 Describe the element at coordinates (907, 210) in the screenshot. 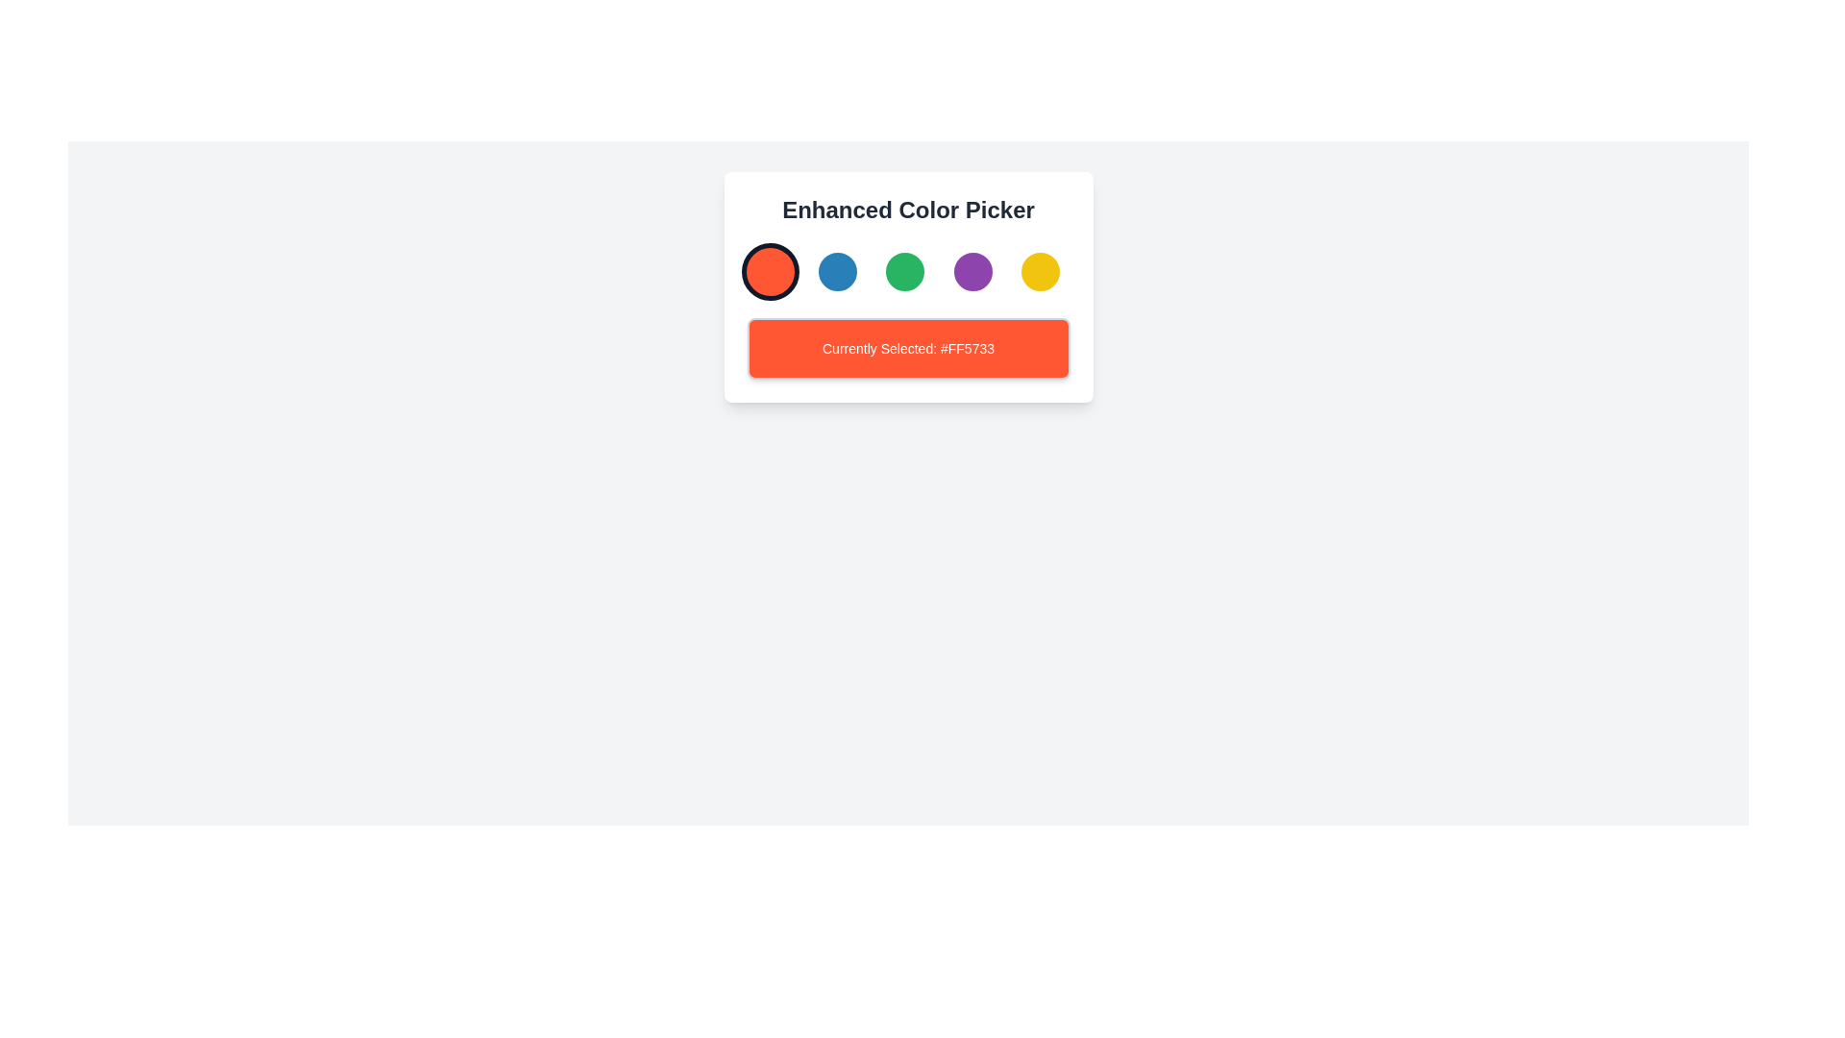

I see `the 'Enhanced Color Picker' label, which is styled in bold, dark gray font at the top of the panel` at that location.